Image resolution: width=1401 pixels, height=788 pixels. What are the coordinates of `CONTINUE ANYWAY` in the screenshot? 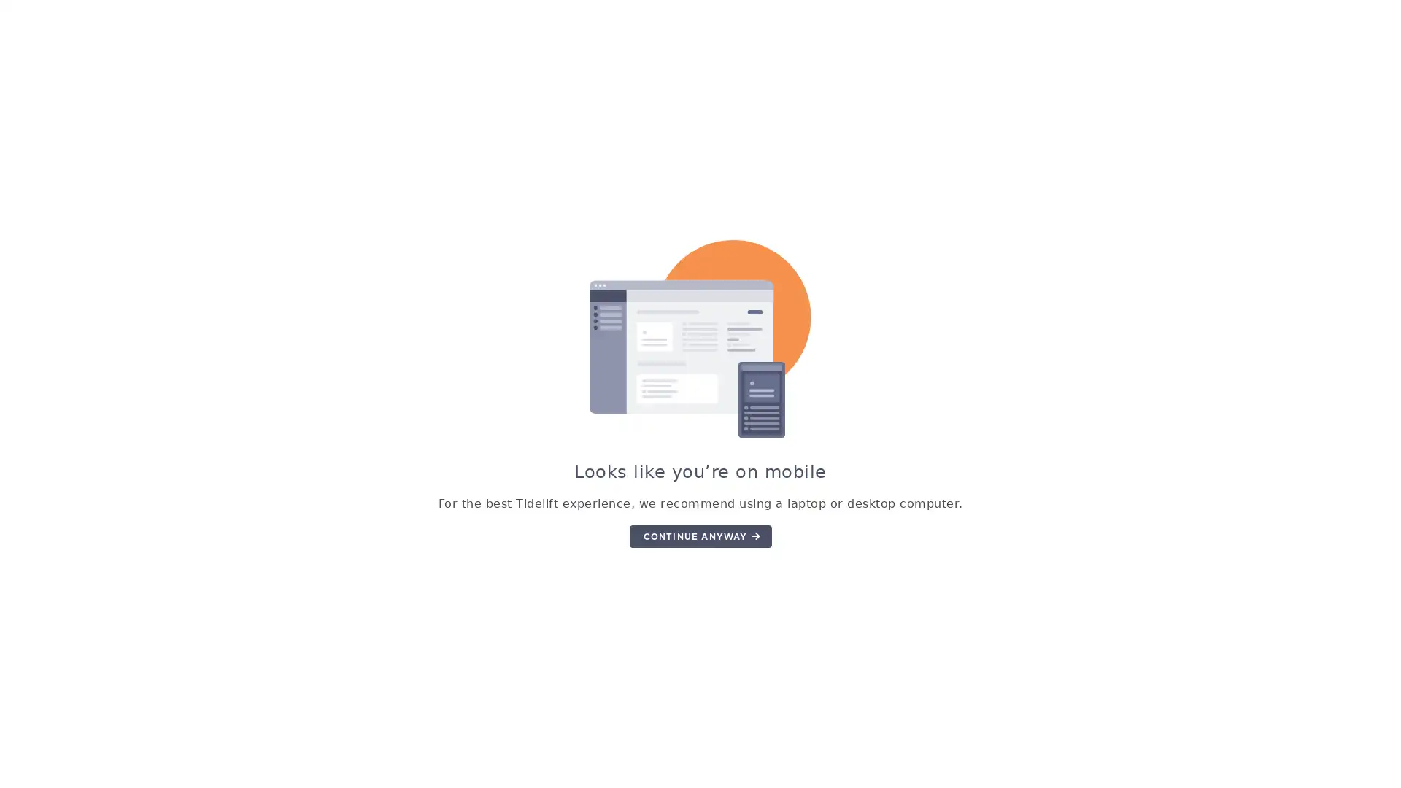 It's located at (699, 536).